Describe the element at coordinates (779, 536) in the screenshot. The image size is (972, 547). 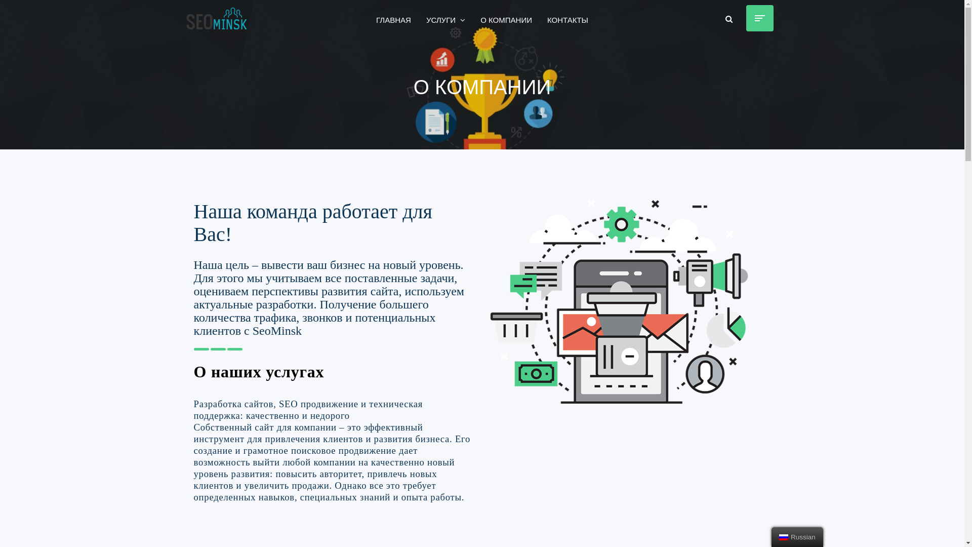
I see `'Russian'` at that location.